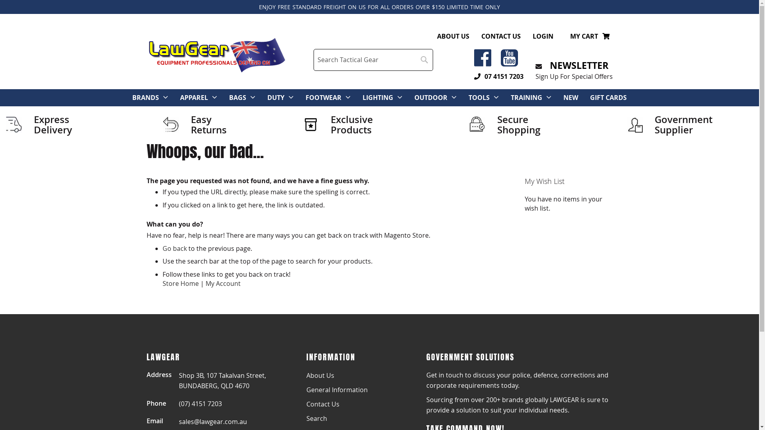  I want to click on 'About Us', so click(306, 375).